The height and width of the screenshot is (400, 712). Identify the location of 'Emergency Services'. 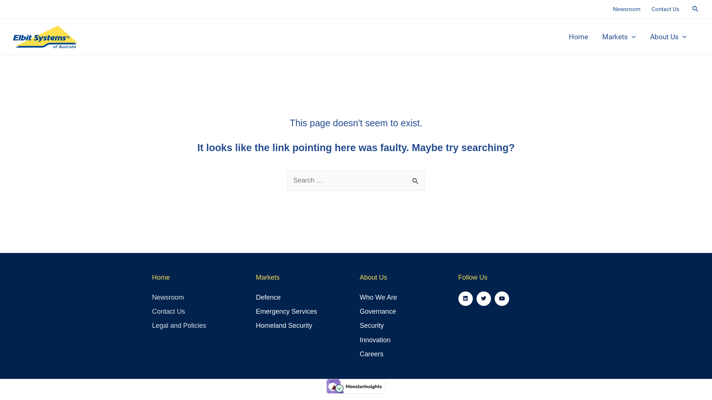
(256, 311).